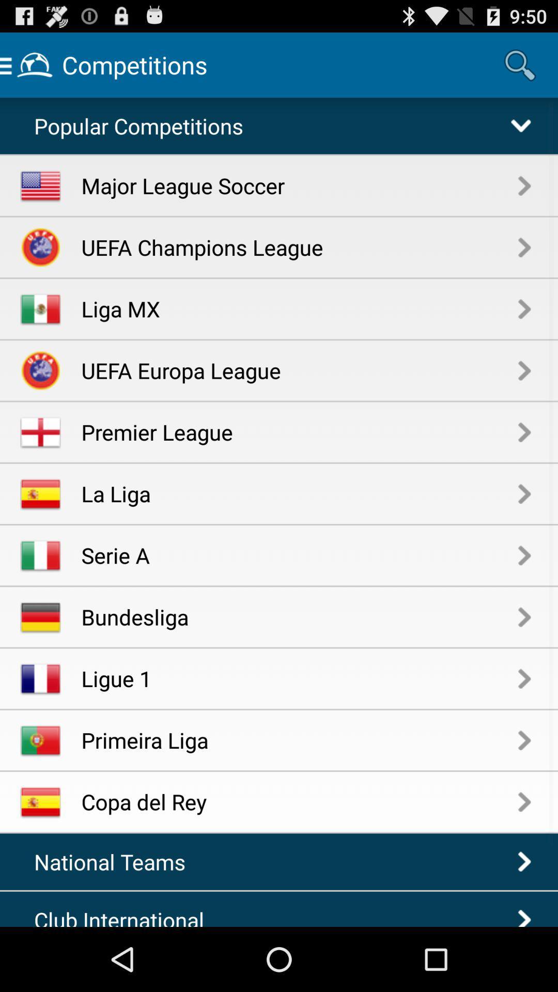 The image size is (558, 992). What do you see at coordinates (300, 308) in the screenshot?
I see `app below the uefa champions league icon` at bounding box center [300, 308].